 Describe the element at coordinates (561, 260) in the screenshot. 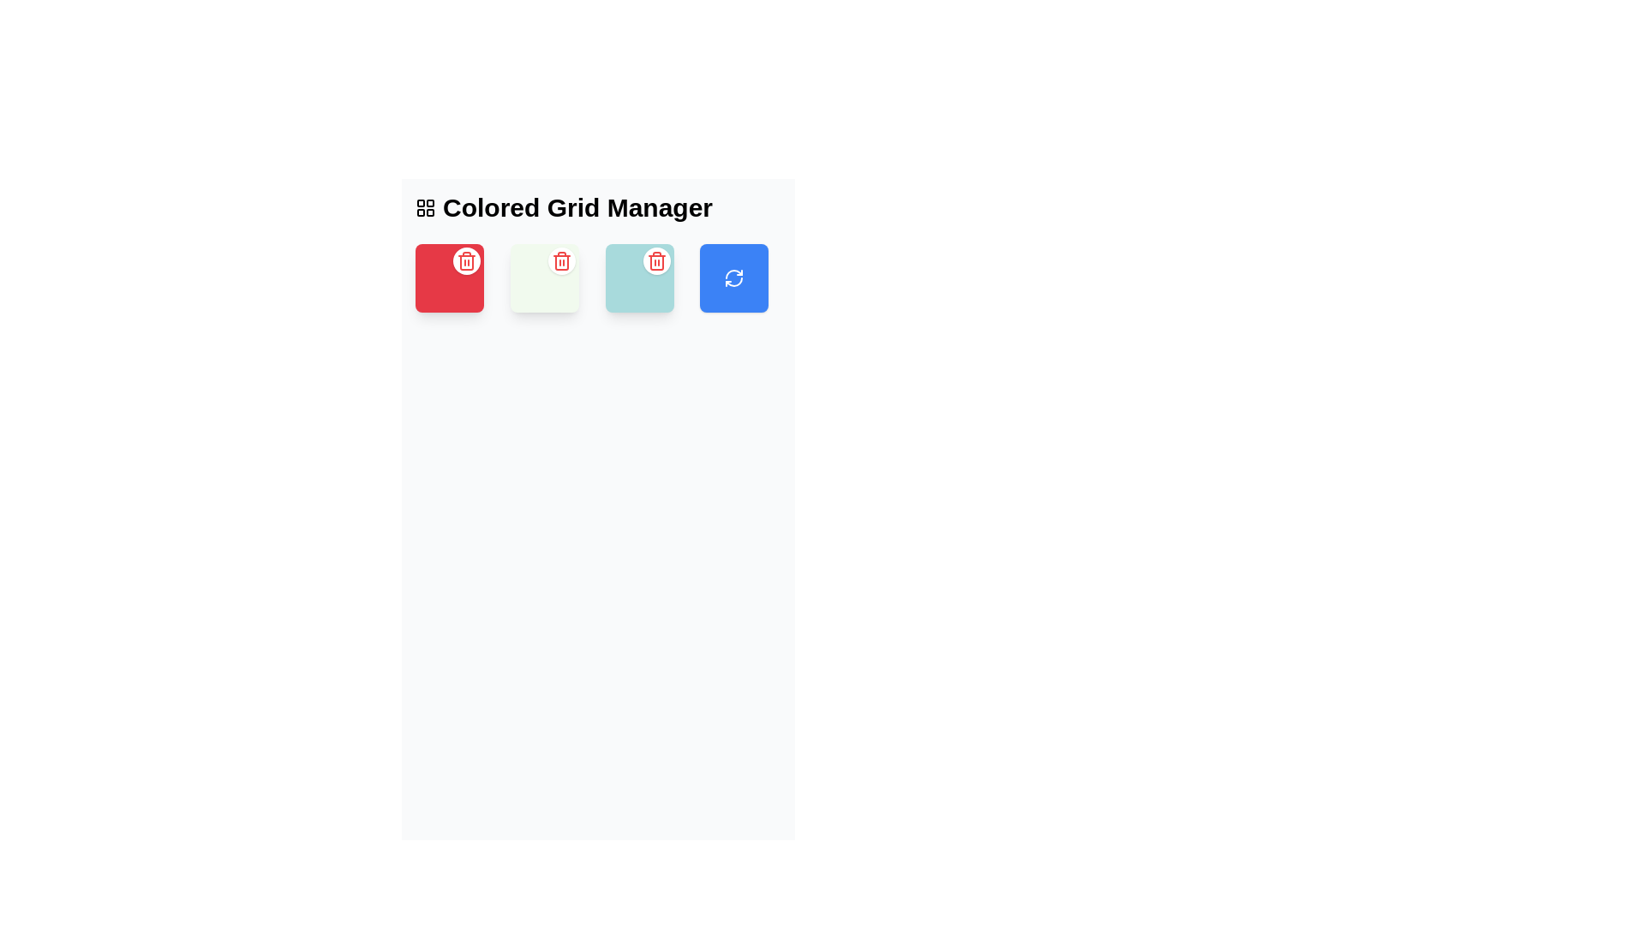

I see `the white circular button with a red trashcan icon located in the top-right corner of the light green square block in the Colored Grid Manager interface` at that location.